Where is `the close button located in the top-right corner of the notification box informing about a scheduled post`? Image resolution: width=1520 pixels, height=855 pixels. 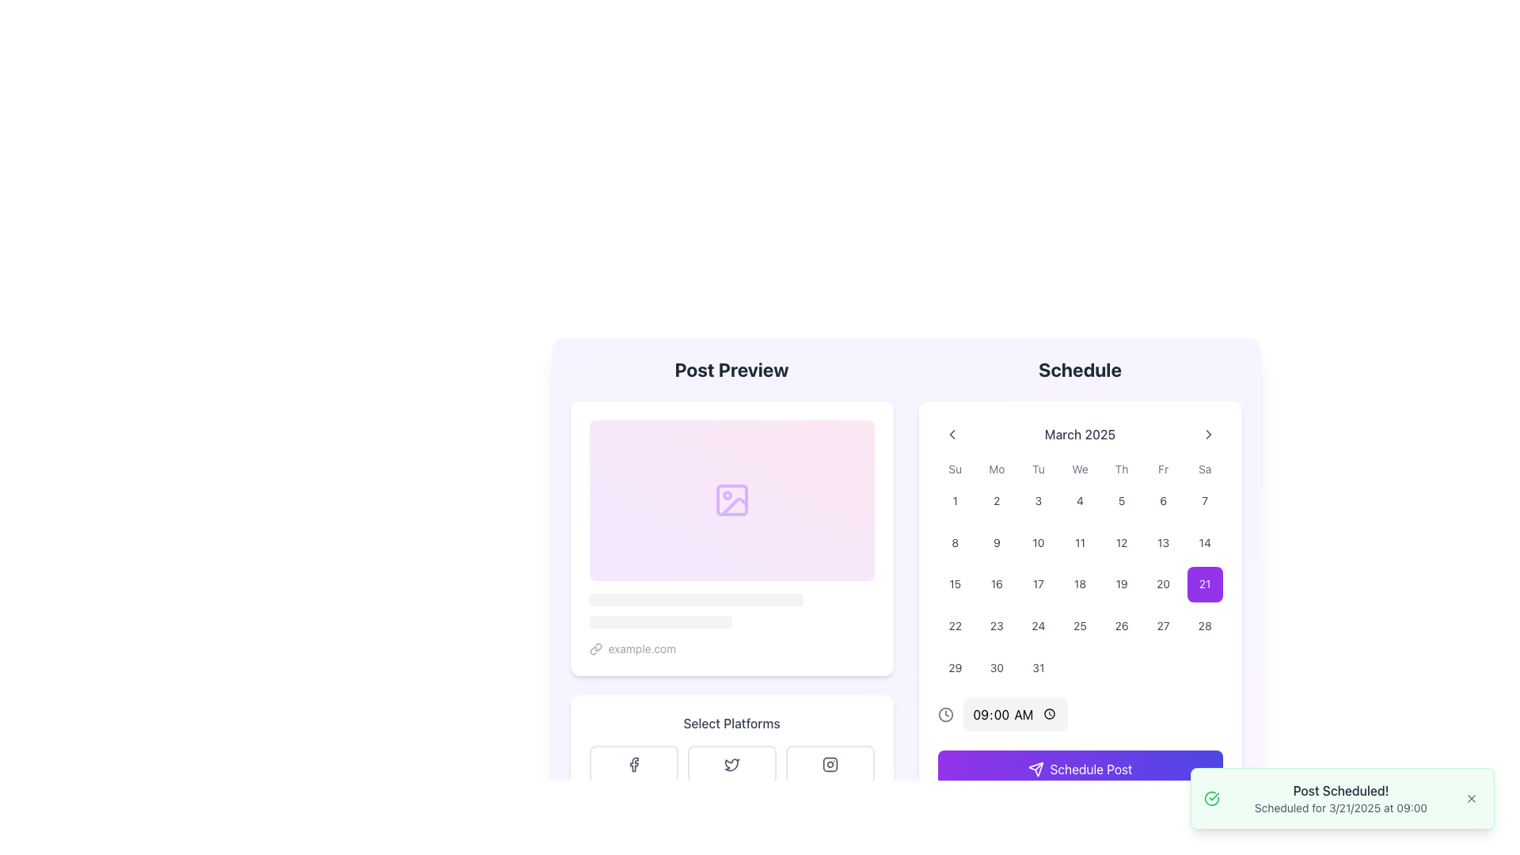 the close button located in the top-right corner of the notification box informing about a scheduled post is located at coordinates (1470, 799).